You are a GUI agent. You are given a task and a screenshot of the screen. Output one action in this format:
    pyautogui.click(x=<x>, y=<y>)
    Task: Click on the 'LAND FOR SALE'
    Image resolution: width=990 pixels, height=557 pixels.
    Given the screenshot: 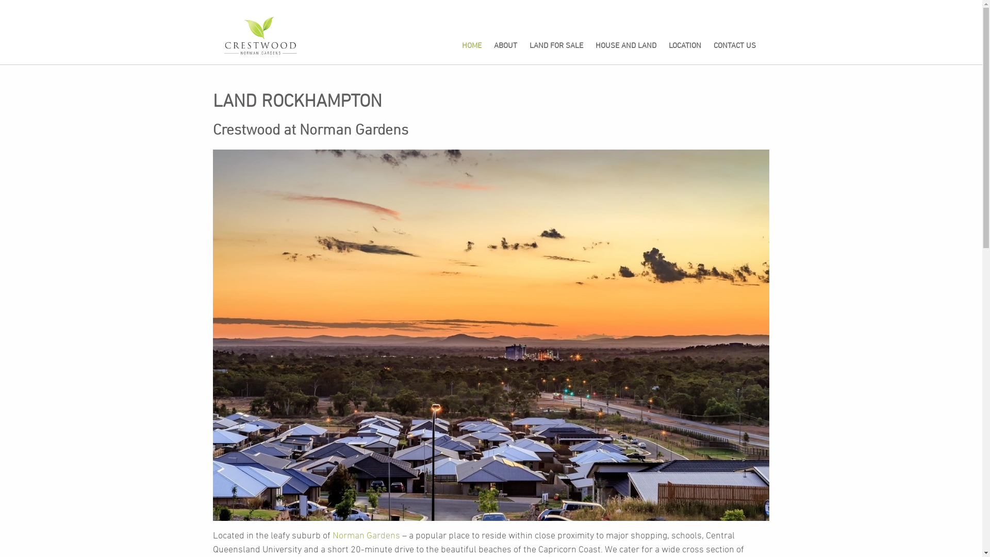 What is the action you would take?
    pyautogui.click(x=556, y=45)
    